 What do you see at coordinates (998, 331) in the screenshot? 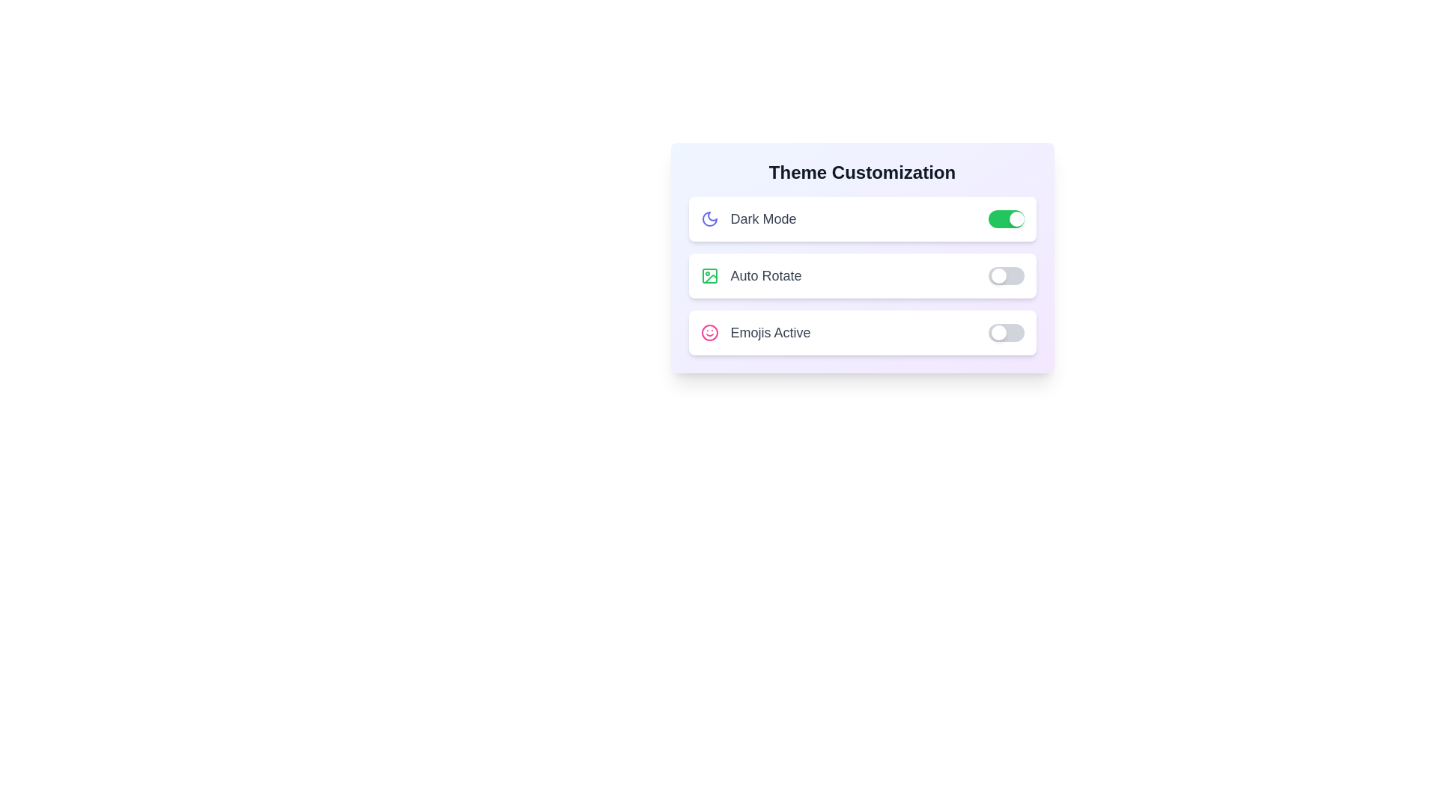
I see `the circular Toggle Switch Indicator within the bottom-most toggle switch of the 'Theme Customization' settings, specifically for the 'Emojis Active' setting` at bounding box center [998, 331].